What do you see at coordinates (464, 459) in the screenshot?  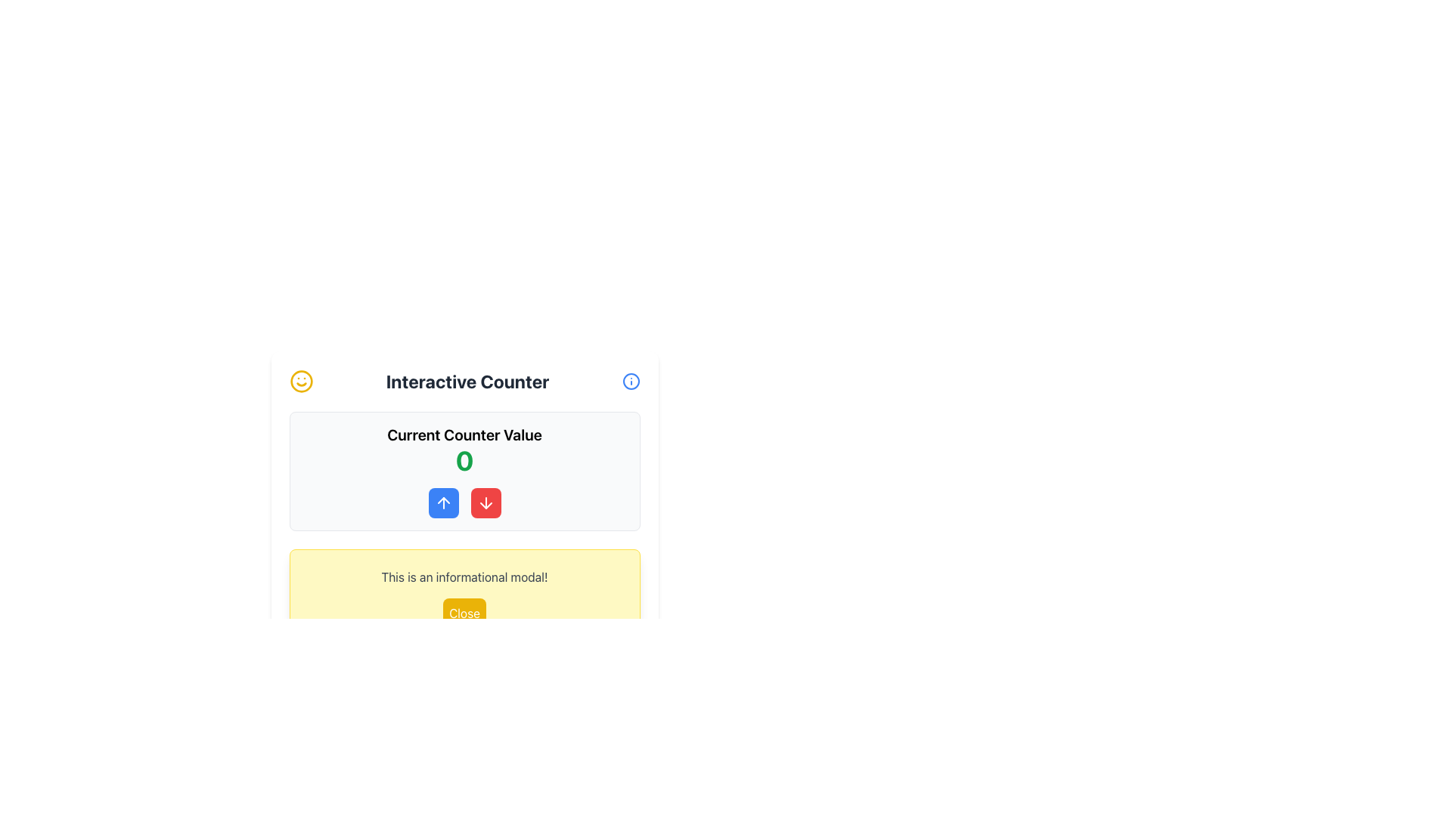 I see `the text label displaying the current counter value, which is located beneath the label 'Current Counter Value' and between a blue and a red button in the 'Interactive Counter' section` at bounding box center [464, 459].